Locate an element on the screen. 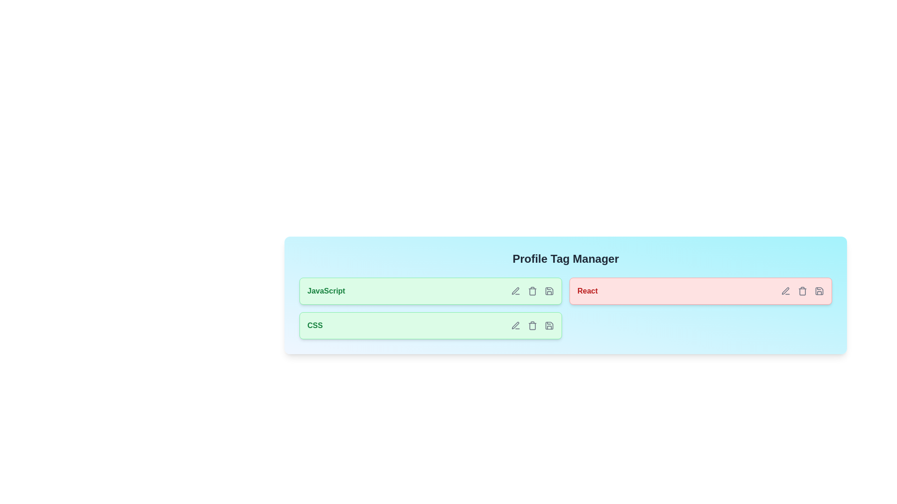  the delete icon for the tag CSS is located at coordinates (533, 325).